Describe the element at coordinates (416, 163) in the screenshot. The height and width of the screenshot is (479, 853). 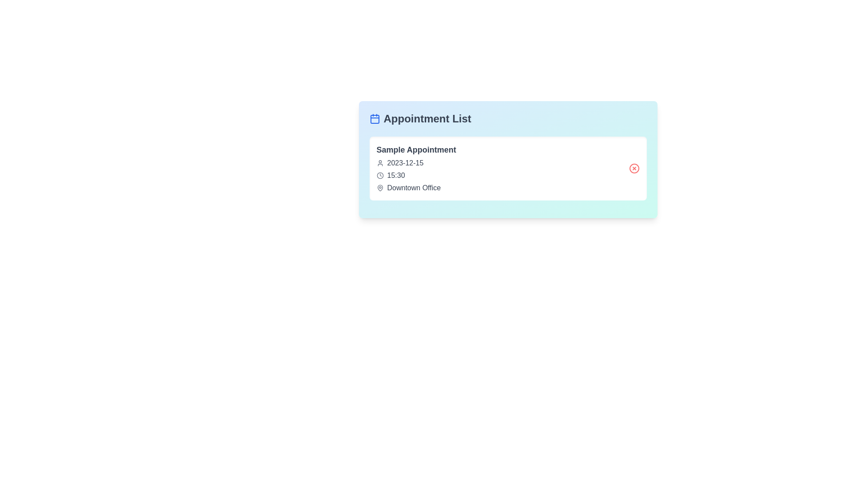
I see `date information '2023-12-15' displayed in the text element beneath the title 'Sample Appointment' in the appointment details card` at that location.